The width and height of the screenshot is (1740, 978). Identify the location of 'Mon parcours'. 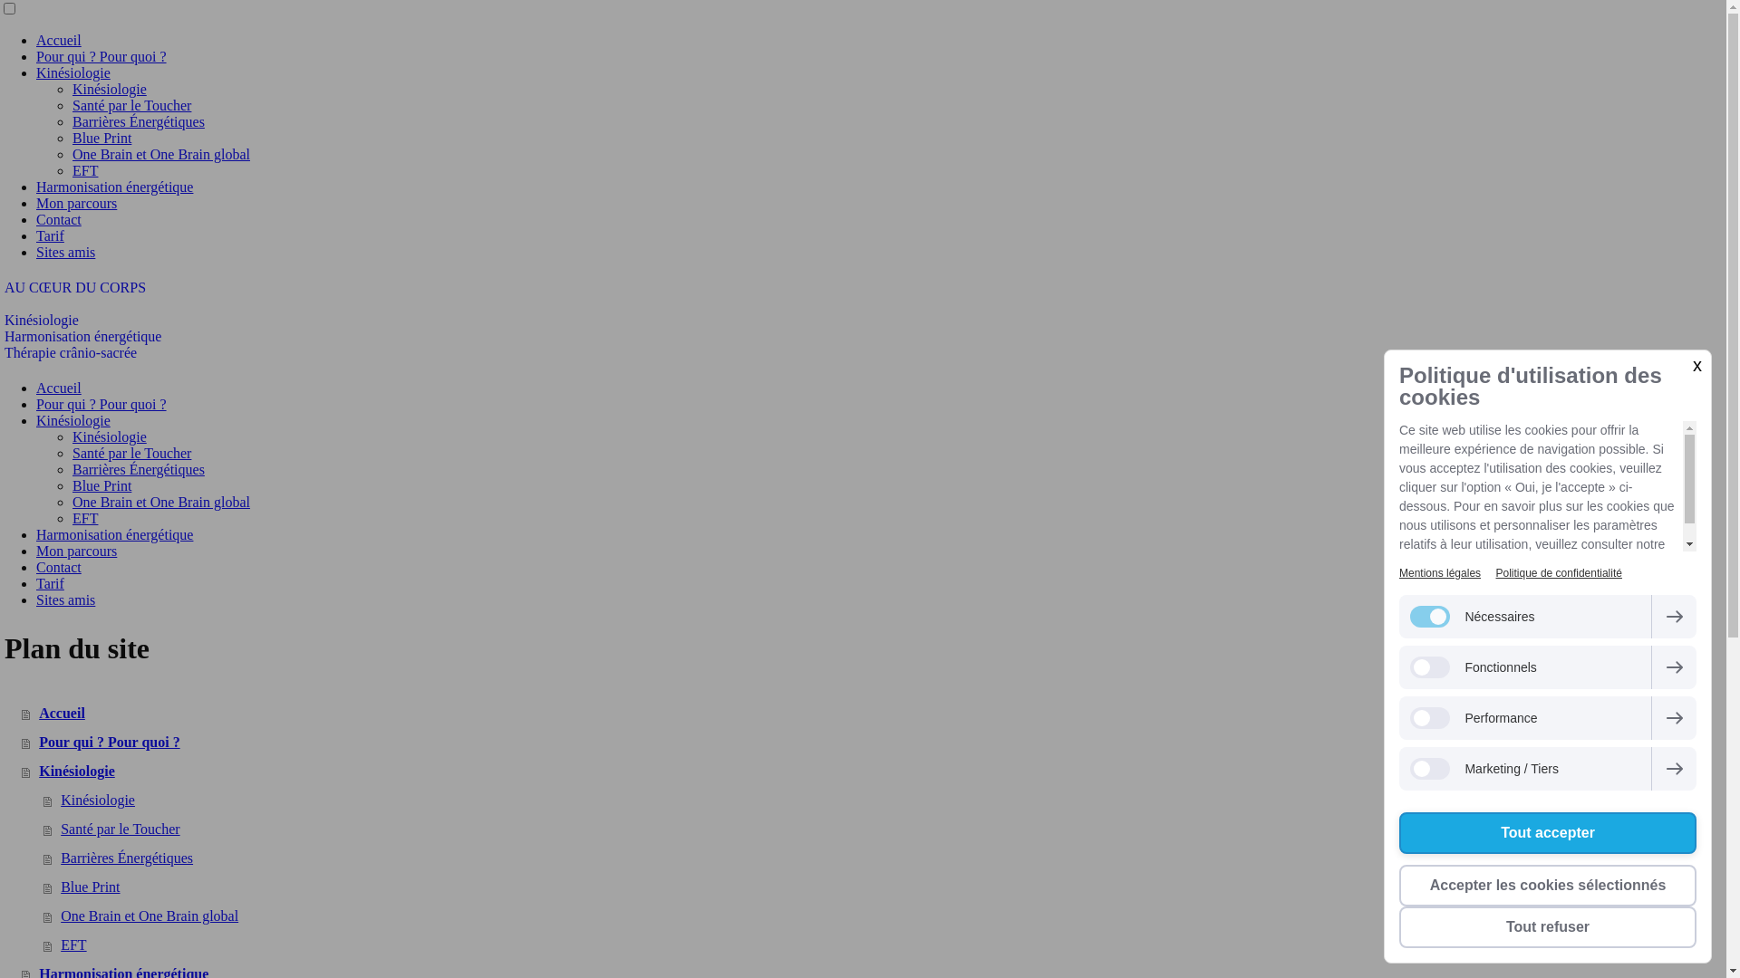
(75, 550).